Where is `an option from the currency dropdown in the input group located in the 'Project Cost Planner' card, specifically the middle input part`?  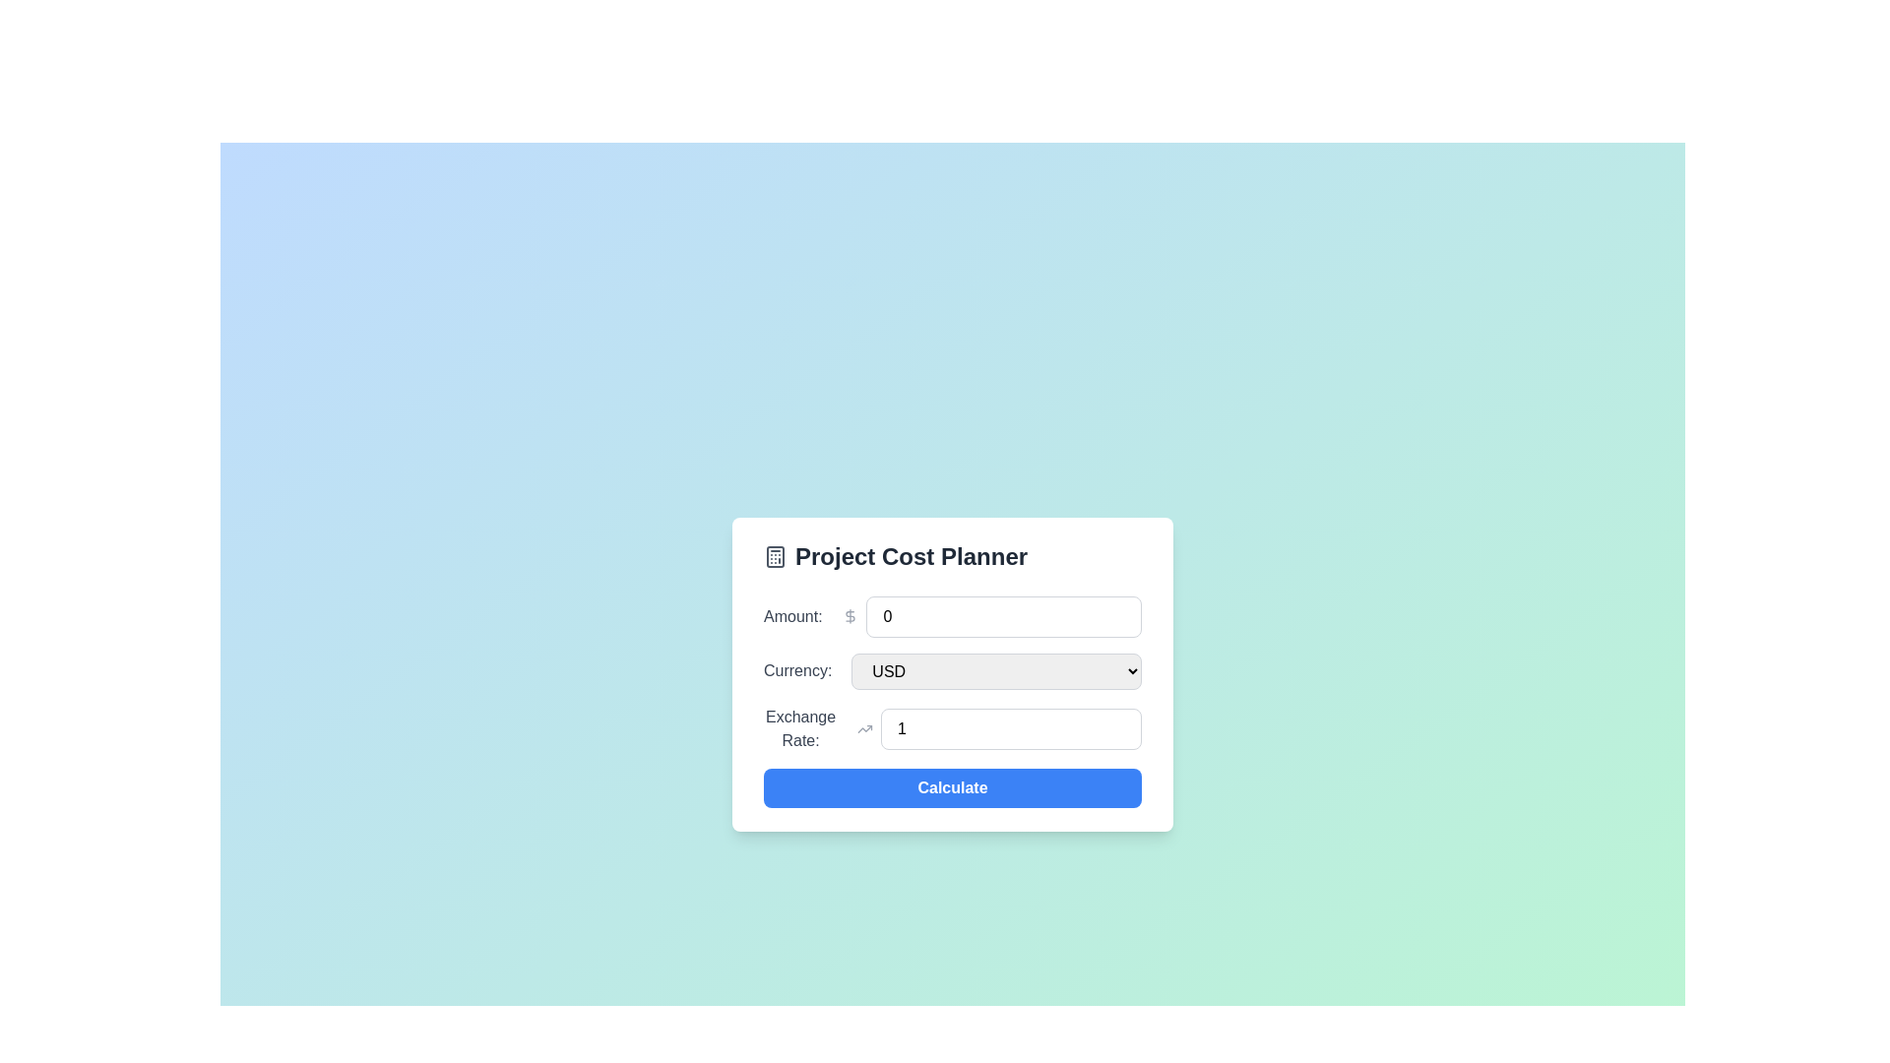
an option from the currency dropdown in the input group located in the 'Project Cost Planner' card, specifically the middle input part is located at coordinates (953, 673).